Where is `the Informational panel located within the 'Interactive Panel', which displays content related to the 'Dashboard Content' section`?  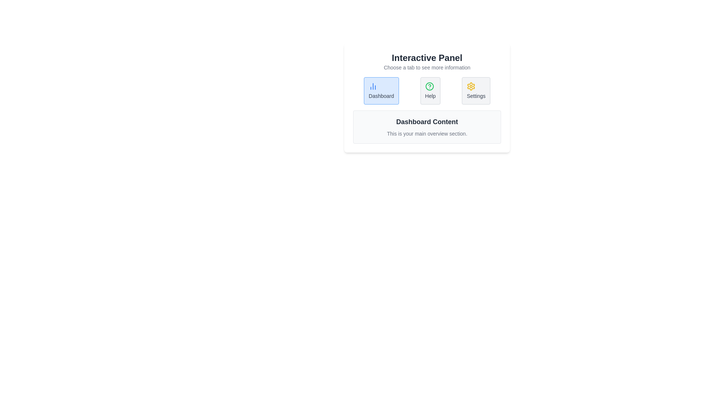
the Informational panel located within the 'Interactive Panel', which displays content related to the 'Dashboard Content' section is located at coordinates (427, 126).